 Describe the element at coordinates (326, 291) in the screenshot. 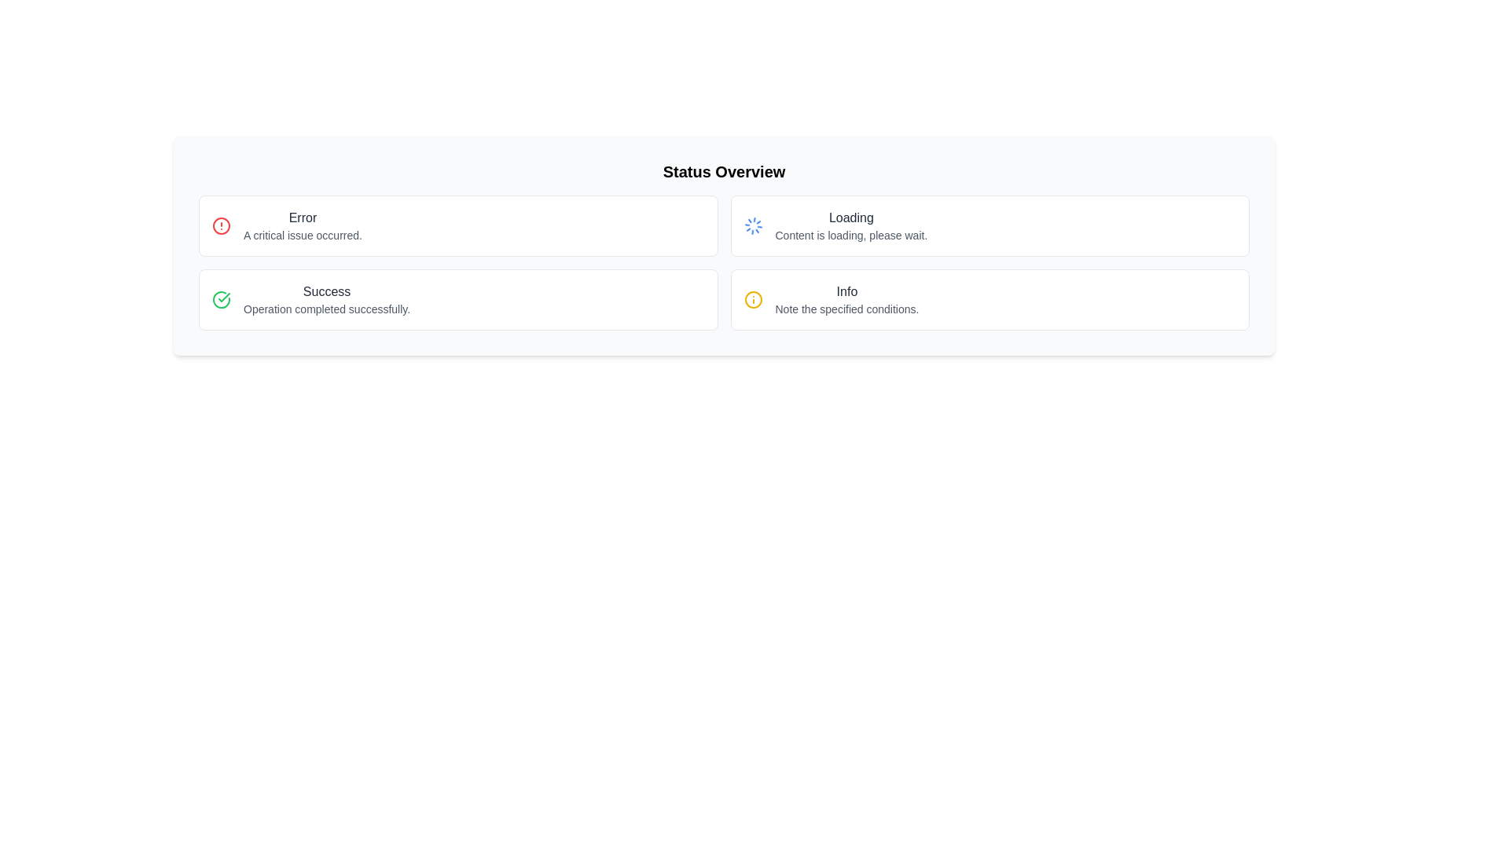

I see `the 'Success' text element displayed in a medium-sized font with dark gray color, located above the descriptive text 'Operation completed successfully.'` at that location.